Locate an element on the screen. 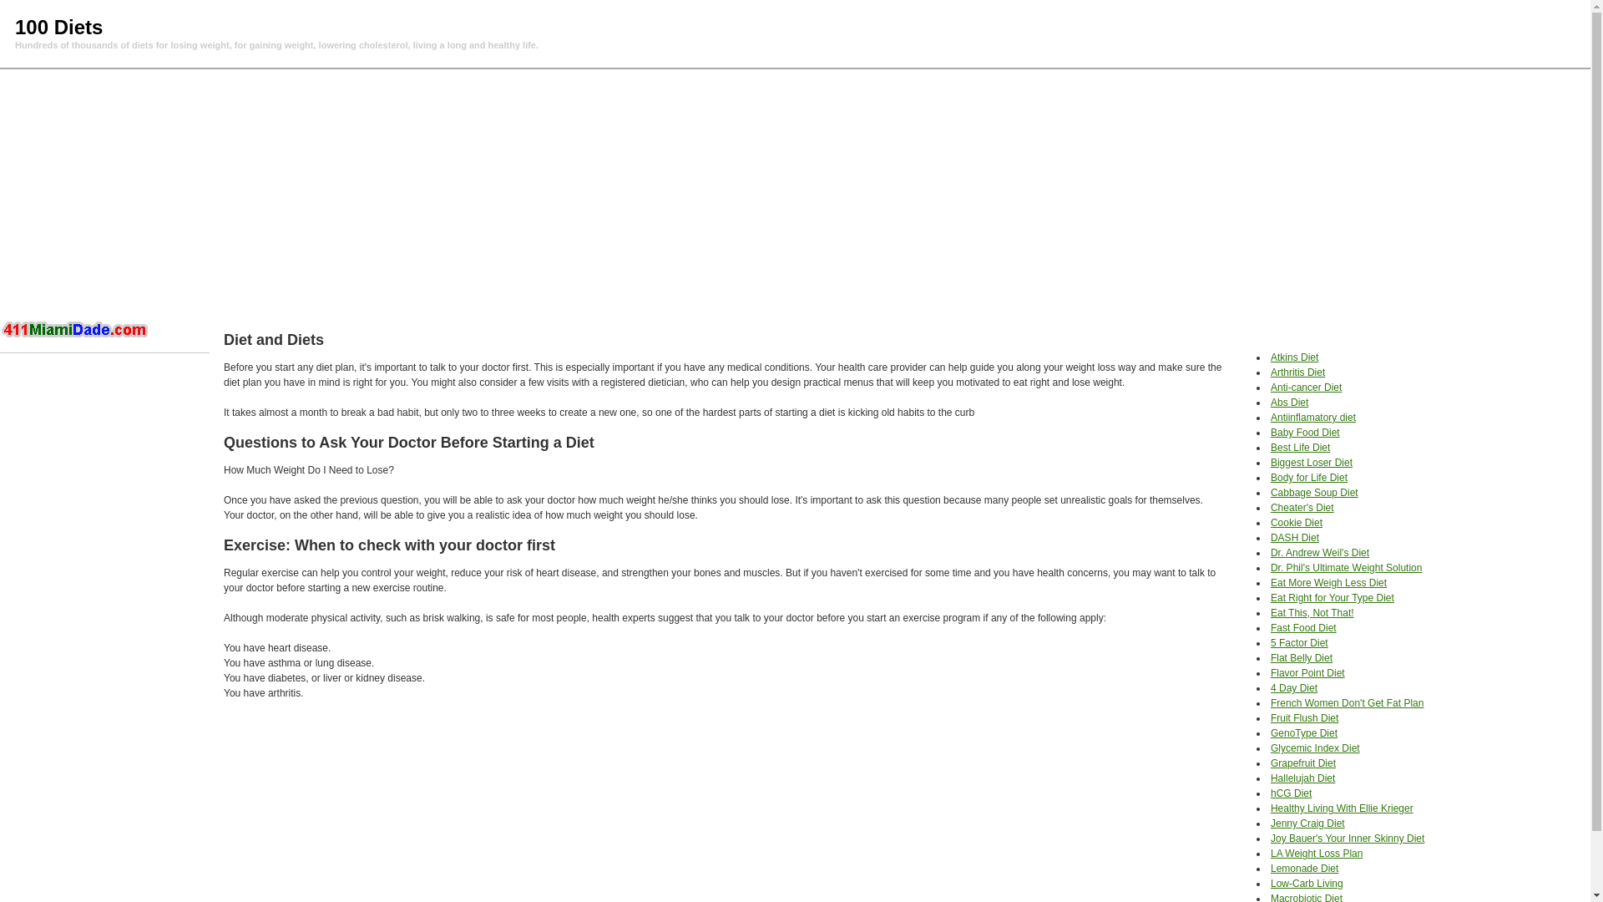  'GenoType Diet' is located at coordinates (1302, 732).